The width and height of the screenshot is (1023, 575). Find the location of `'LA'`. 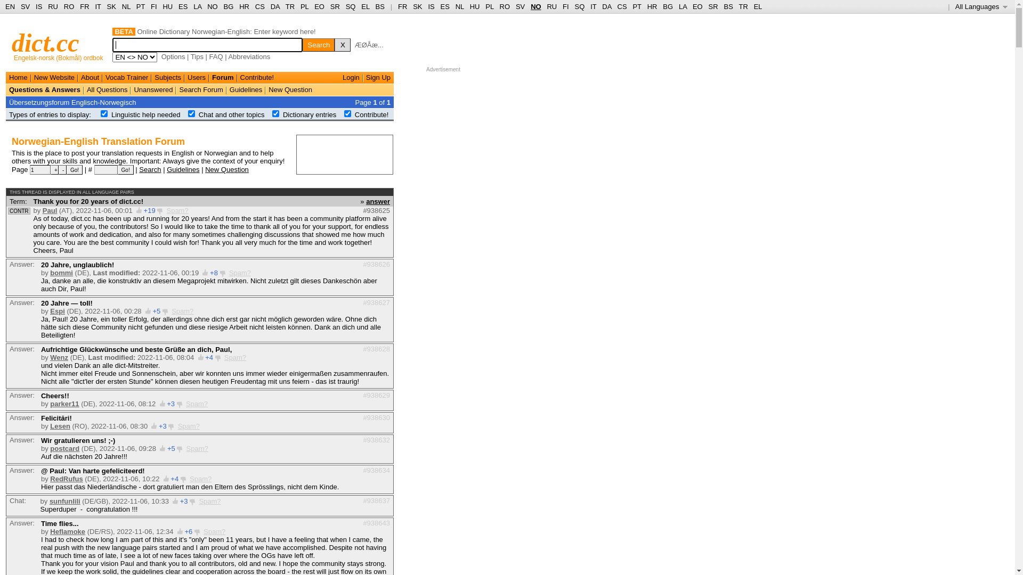

'LA' is located at coordinates (683, 6).